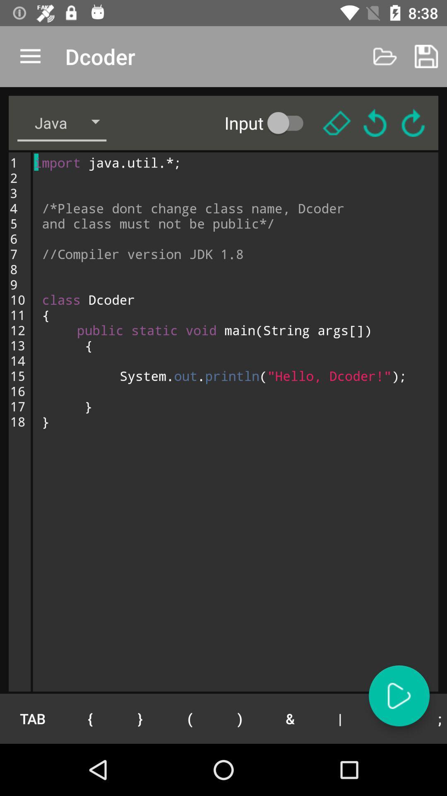 The image size is (447, 796). Describe the element at coordinates (336, 122) in the screenshot. I see `delete button` at that location.